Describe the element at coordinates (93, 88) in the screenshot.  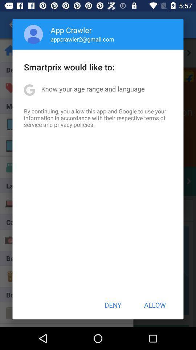
I see `icon below smartprix would like app` at that location.